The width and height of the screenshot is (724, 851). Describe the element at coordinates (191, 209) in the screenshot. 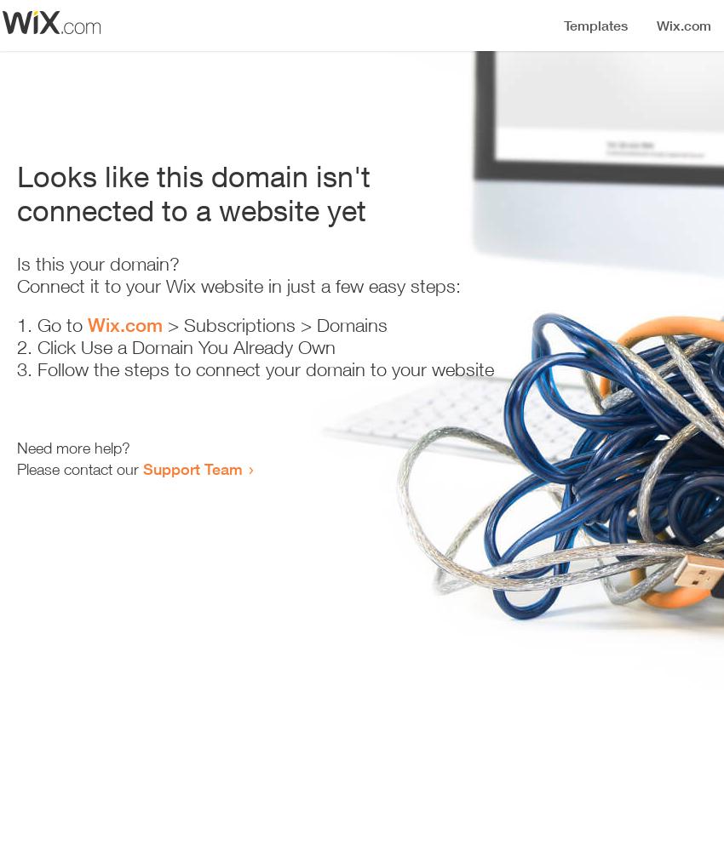

I see `'connected to a website yet'` at that location.